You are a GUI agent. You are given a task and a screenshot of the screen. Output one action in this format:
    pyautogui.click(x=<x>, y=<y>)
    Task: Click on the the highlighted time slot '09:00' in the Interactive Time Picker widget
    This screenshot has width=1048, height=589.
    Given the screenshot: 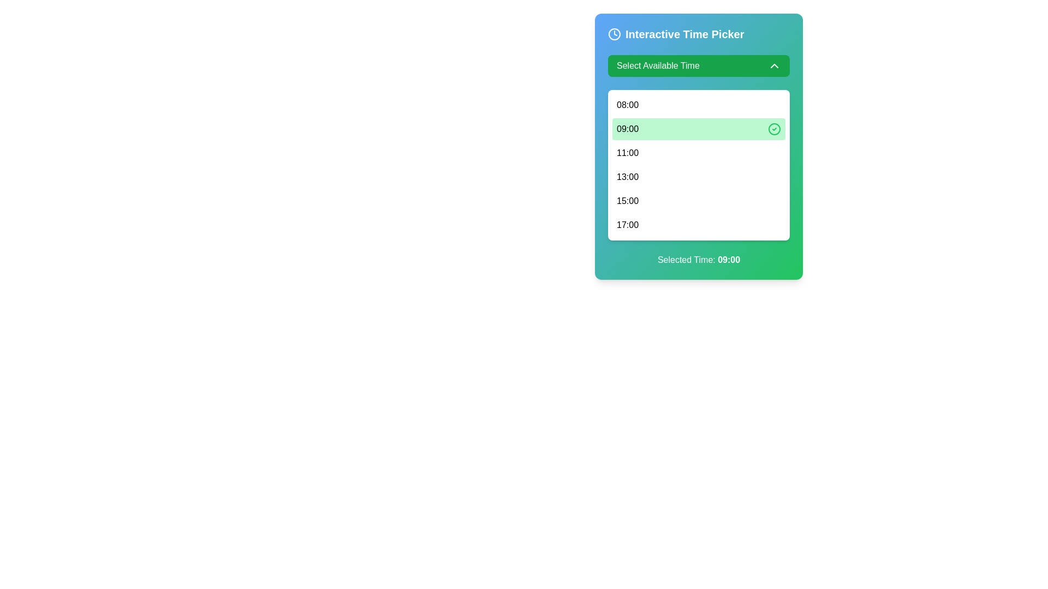 What is the action you would take?
    pyautogui.click(x=699, y=146)
    